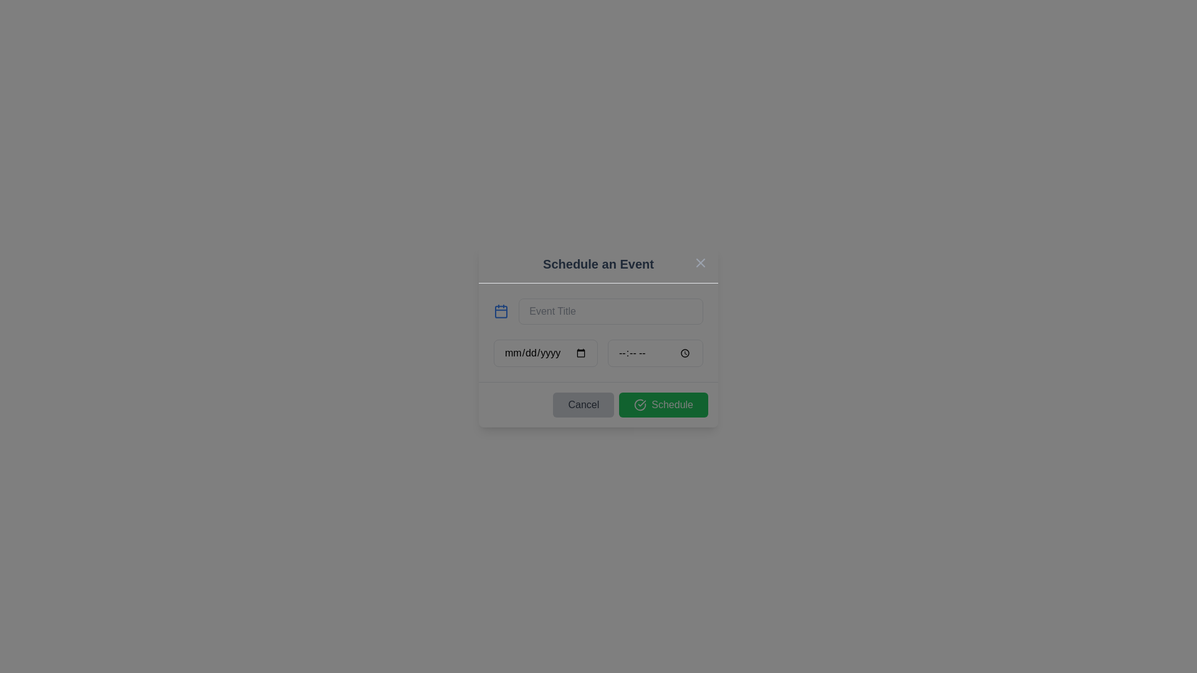 The width and height of the screenshot is (1197, 673). Describe the element at coordinates (501, 312) in the screenshot. I see `the rounded rectangle icon within the calendar-shaped graphics located in the upper left section of the 'Schedule an Event' modal dialog` at that location.